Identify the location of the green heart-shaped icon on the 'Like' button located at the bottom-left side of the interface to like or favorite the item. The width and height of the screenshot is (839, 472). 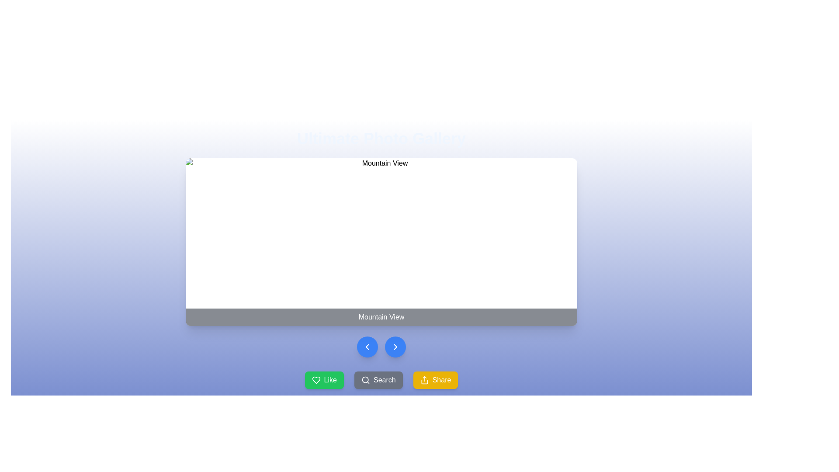
(315, 380).